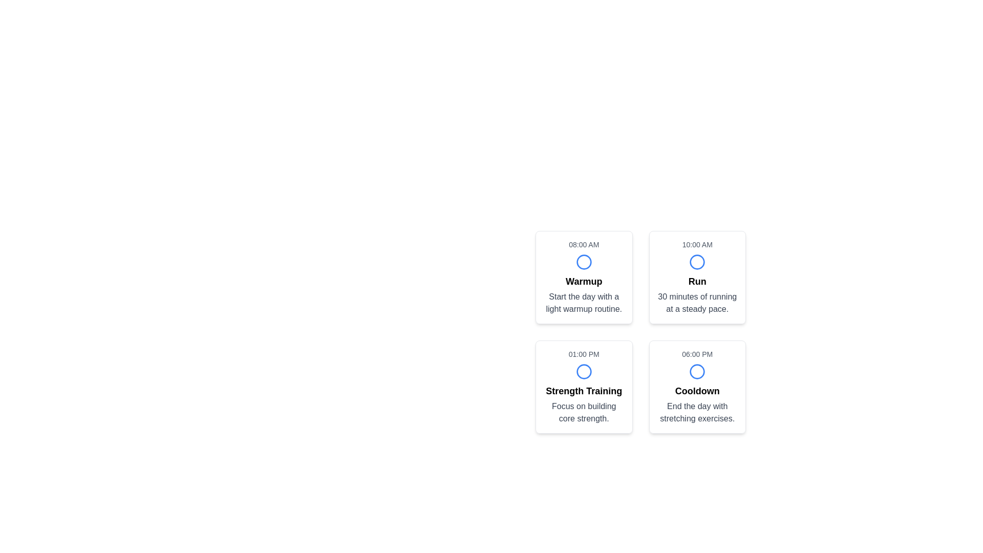 The image size is (983, 553). I want to click on the circular shape with a blue border and a transparent center located in the 'Strength Training' card, which is the third card in the second row of the layout grid, so click(584, 371).